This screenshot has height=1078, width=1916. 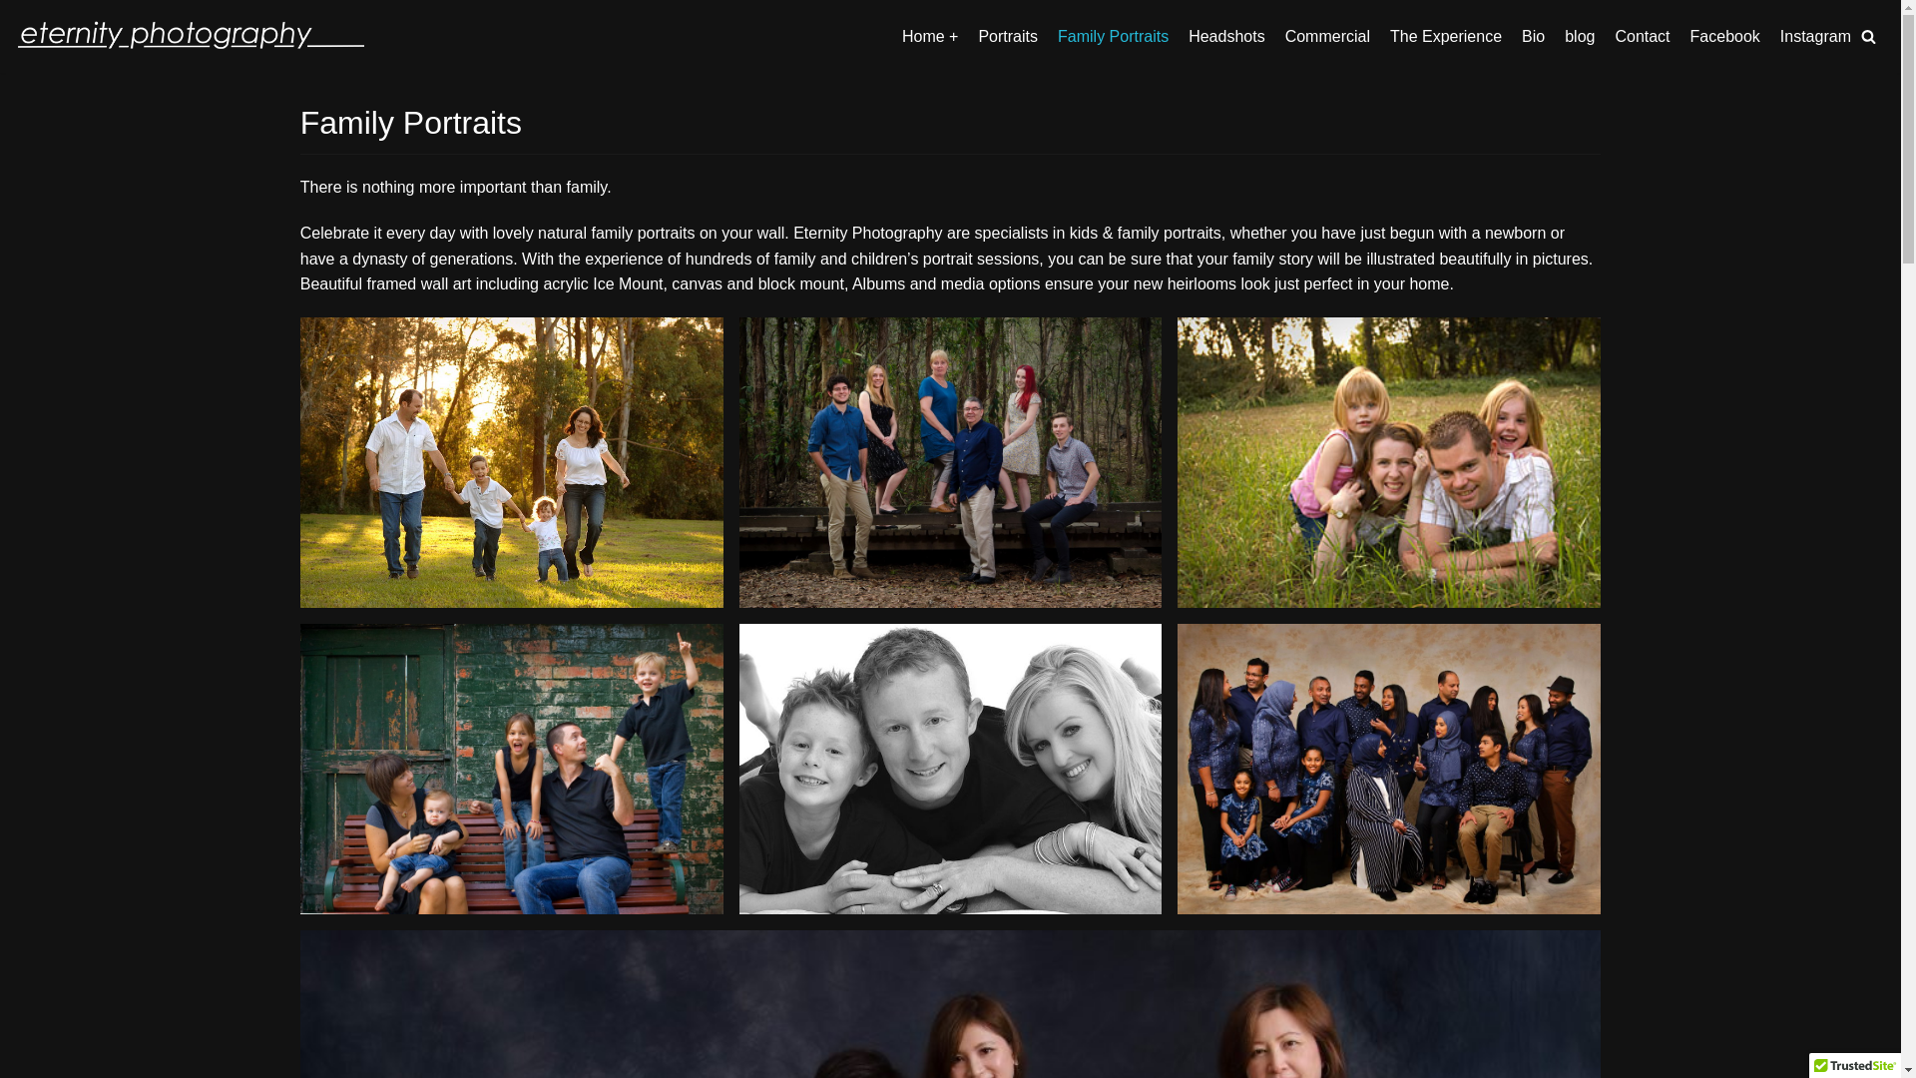 I want to click on 'Facebook', so click(x=1723, y=37).